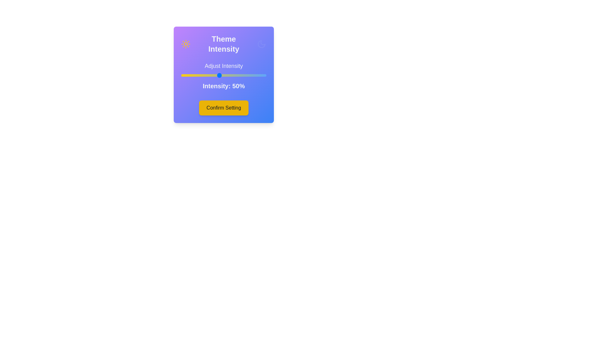 Image resolution: width=601 pixels, height=338 pixels. What do you see at coordinates (259, 75) in the screenshot?
I see `the intensity slider to 92%` at bounding box center [259, 75].